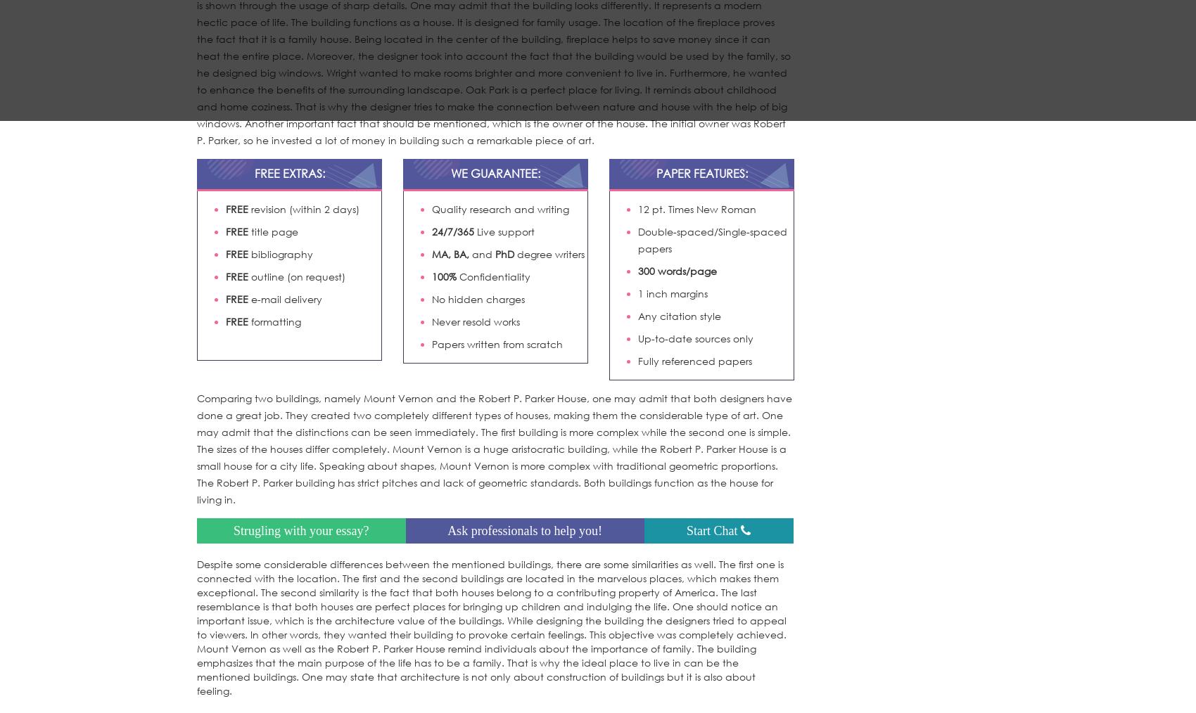 This screenshot has width=1196, height=713. Describe the element at coordinates (431, 208) in the screenshot. I see `'Quality research and writing'` at that location.